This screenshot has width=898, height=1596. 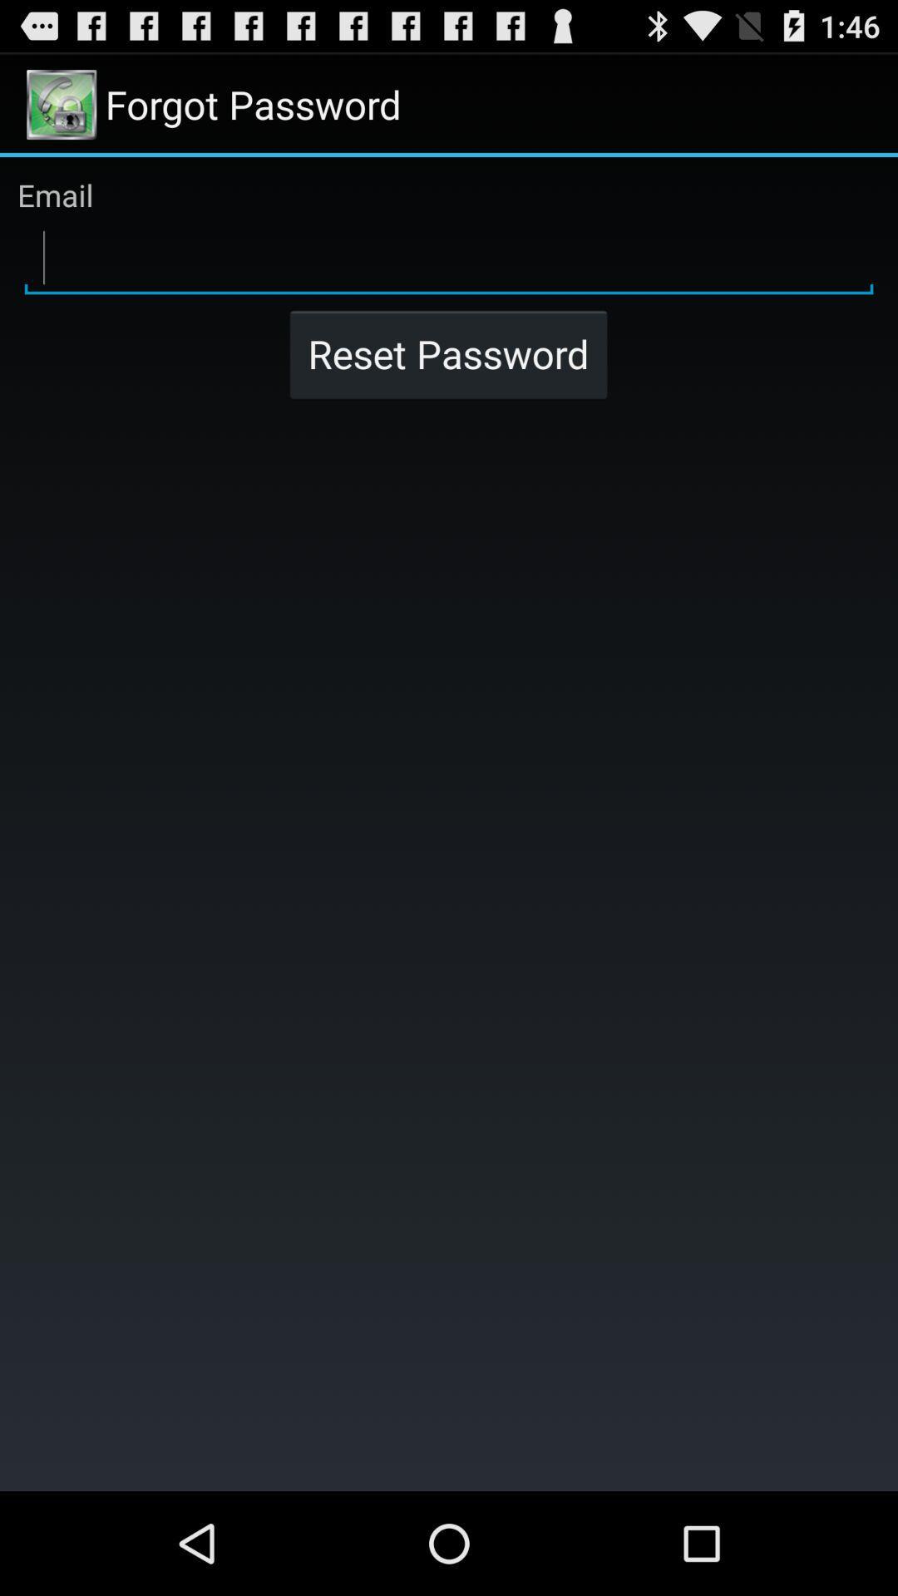 What do you see at coordinates (447, 353) in the screenshot?
I see `the reset password item` at bounding box center [447, 353].